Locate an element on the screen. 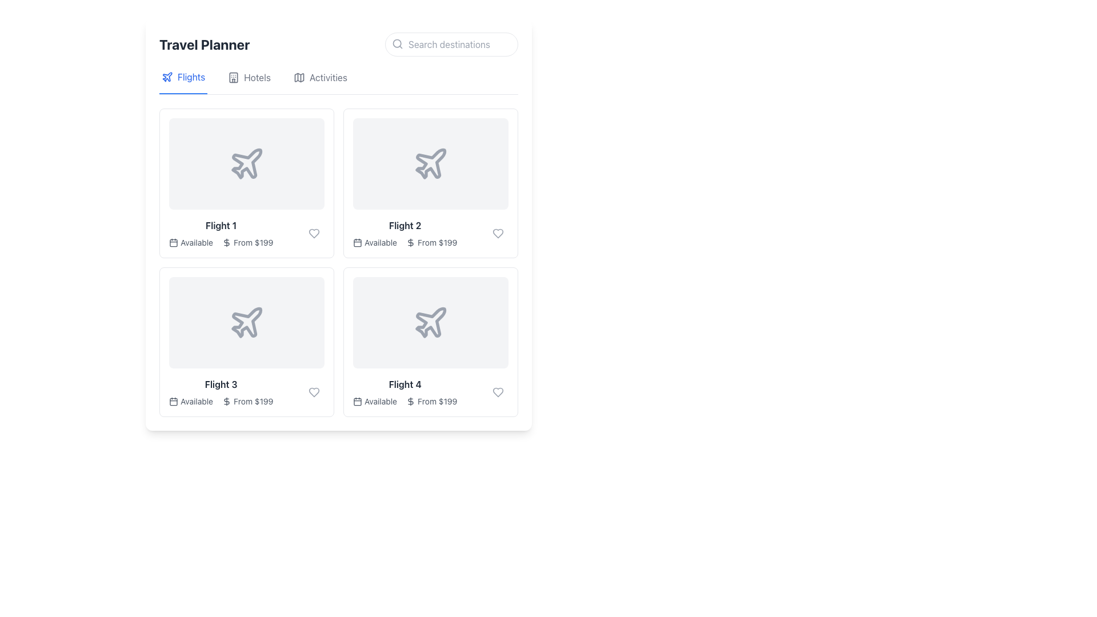 The width and height of the screenshot is (1097, 617). static text element displaying the price 'From $199' located below the 'Available' text for 'Flight 4' in the bottom-right corner of the grid is located at coordinates (437, 400).